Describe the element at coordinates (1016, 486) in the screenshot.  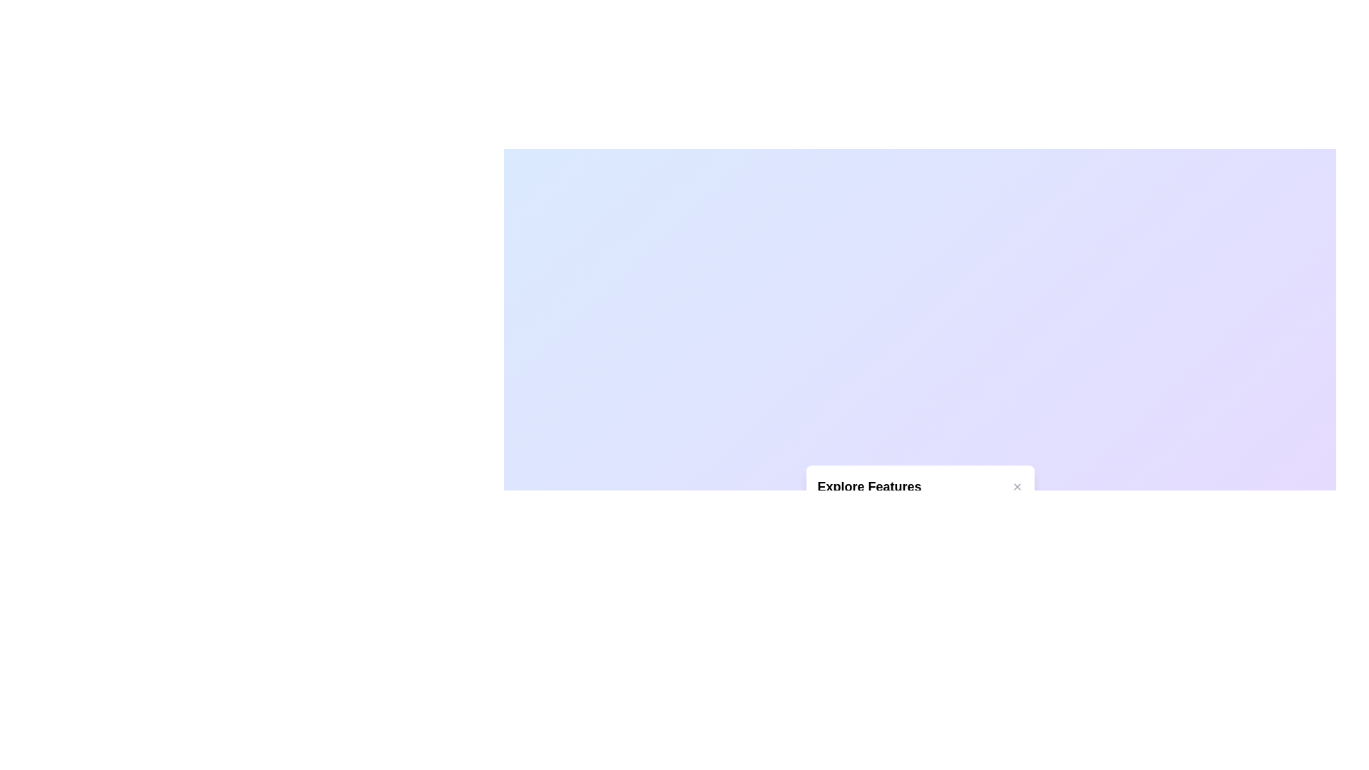
I see `the small 'X' icon button located to the right of the 'Explore Features' text in the header to observe its color change from gray to red` at that location.